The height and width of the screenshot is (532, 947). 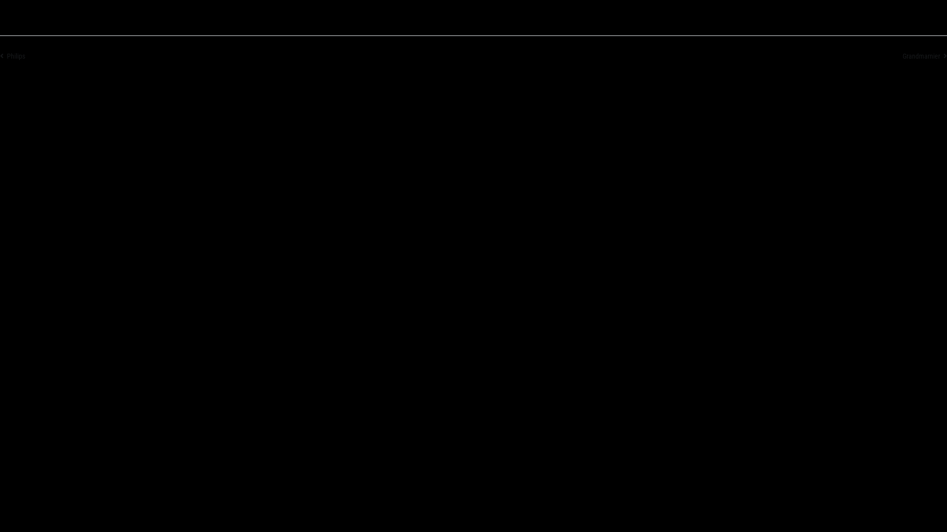 What do you see at coordinates (12, 56) in the screenshot?
I see `'Philips'` at bounding box center [12, 56].